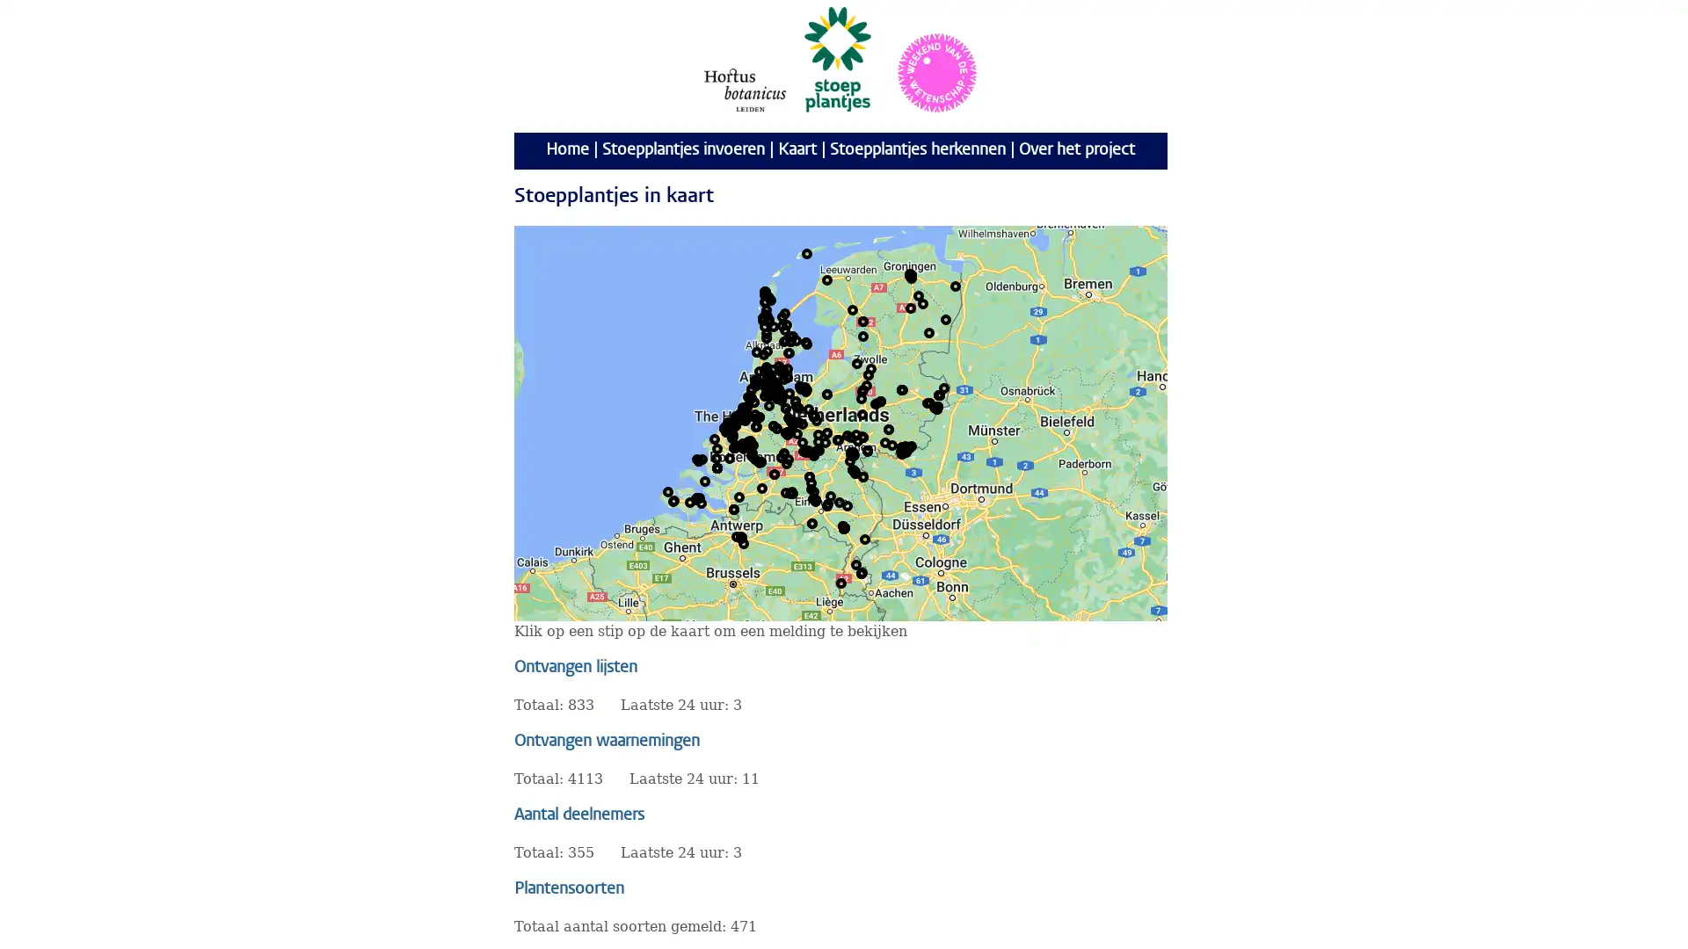 The height and width of the screenshot is (949, 1688). I want to click on Telling van op 15 januari 2022, so click(726, 430).